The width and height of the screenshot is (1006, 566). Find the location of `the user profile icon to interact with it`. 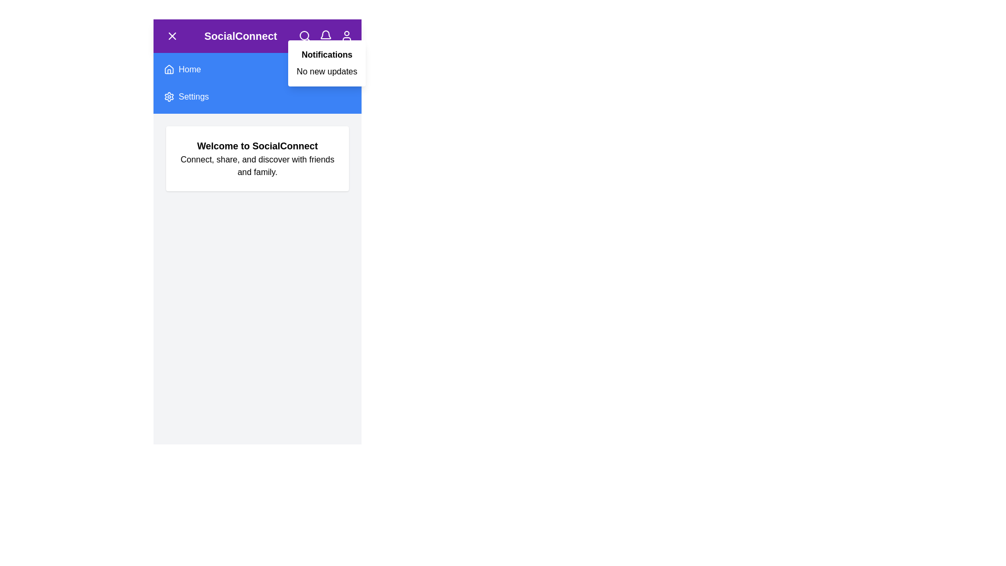

the user profile icon to interact with it is located at coordinates (347, 36).